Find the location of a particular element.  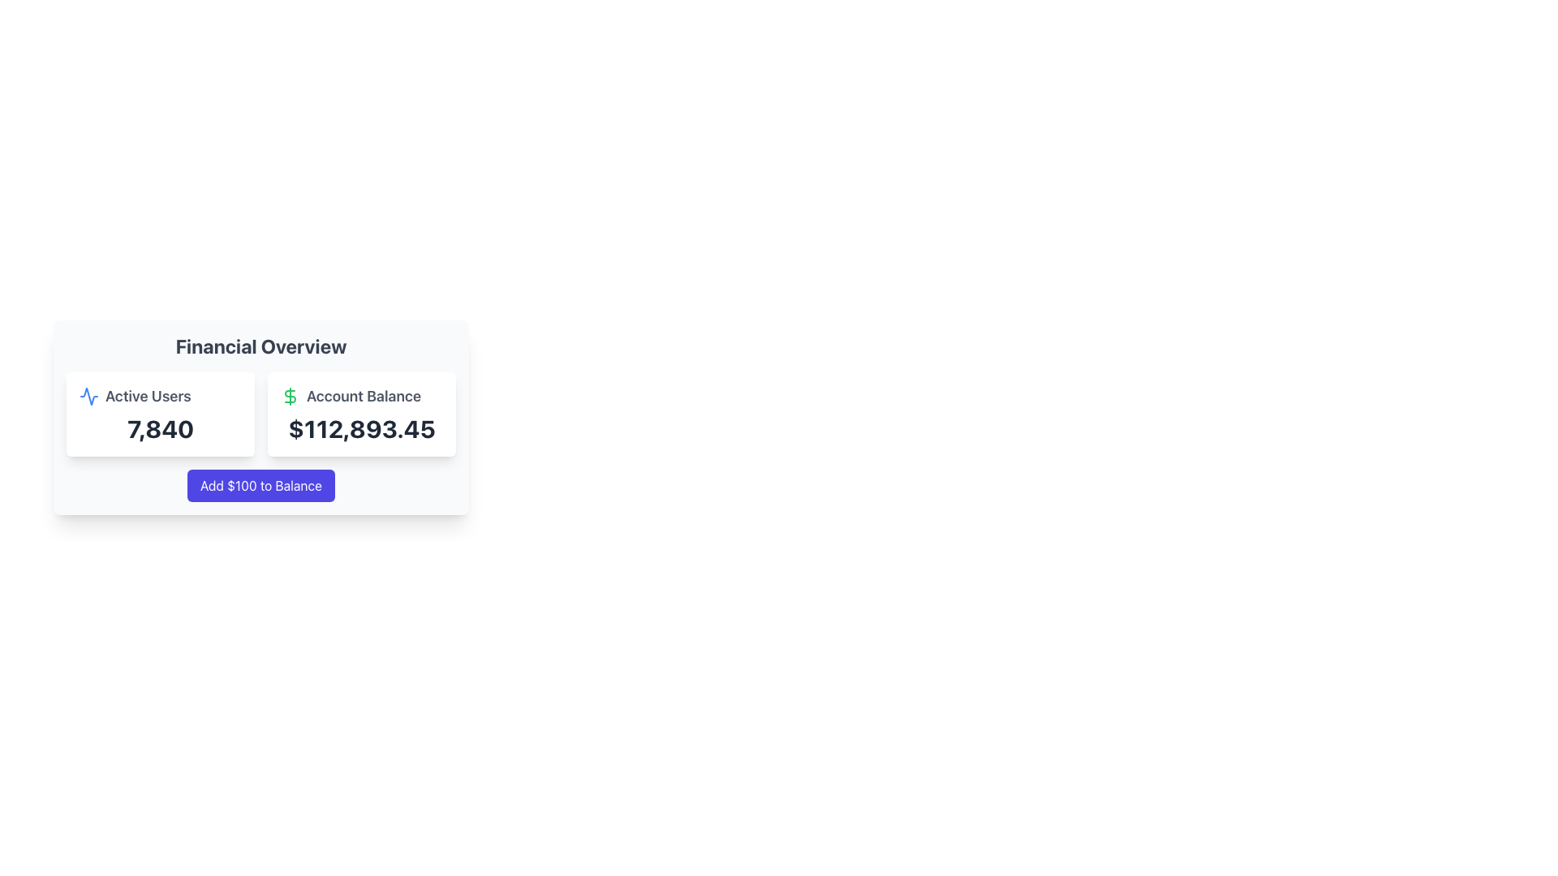

within the Data Display element to highlight the 'Active Users' and 'Account Balance' information is located at coordinates (260, 413).